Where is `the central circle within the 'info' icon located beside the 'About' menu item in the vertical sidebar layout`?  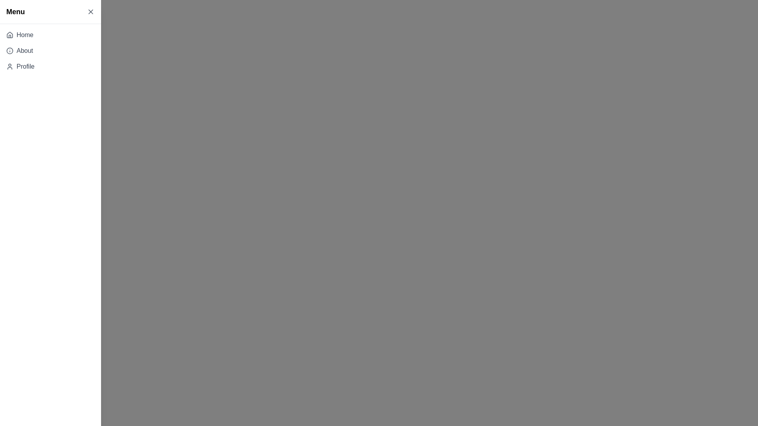
the central circle within the 'info' icon located beside the 'About' menu item in the vertical sidebar layout is located at coordinates (9, 50).